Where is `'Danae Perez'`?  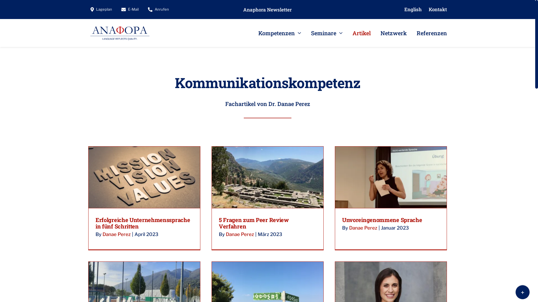
'Danae Perez' is located at coordinates (240, 234).